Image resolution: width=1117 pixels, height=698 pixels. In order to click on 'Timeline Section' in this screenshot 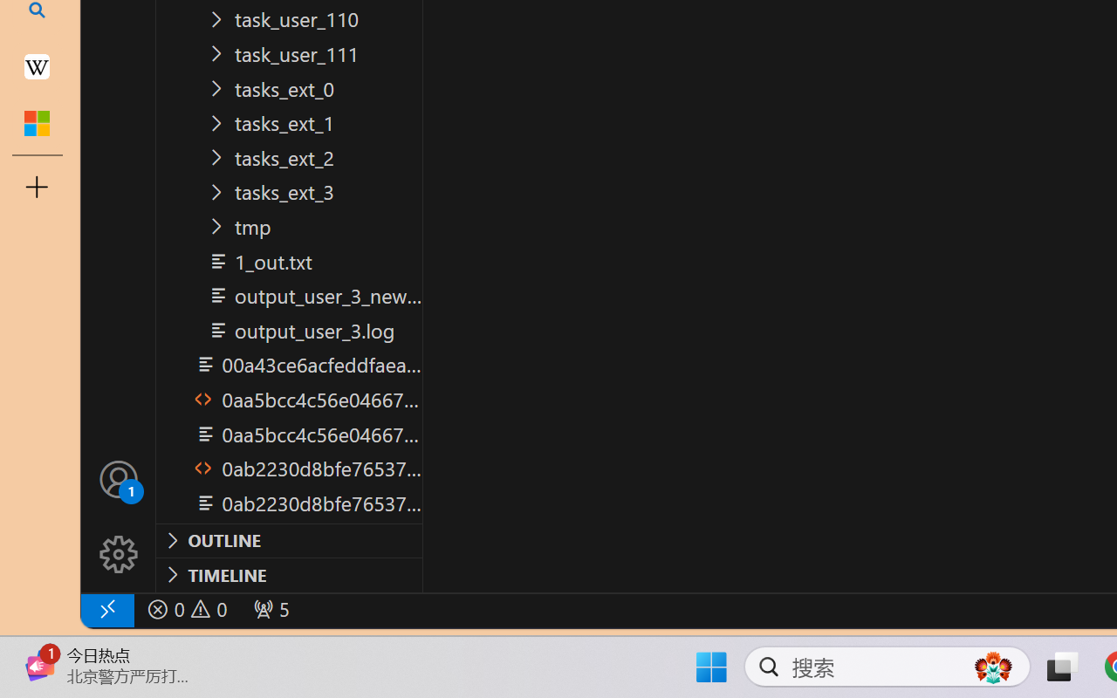, I will do `click(289, 573)`.